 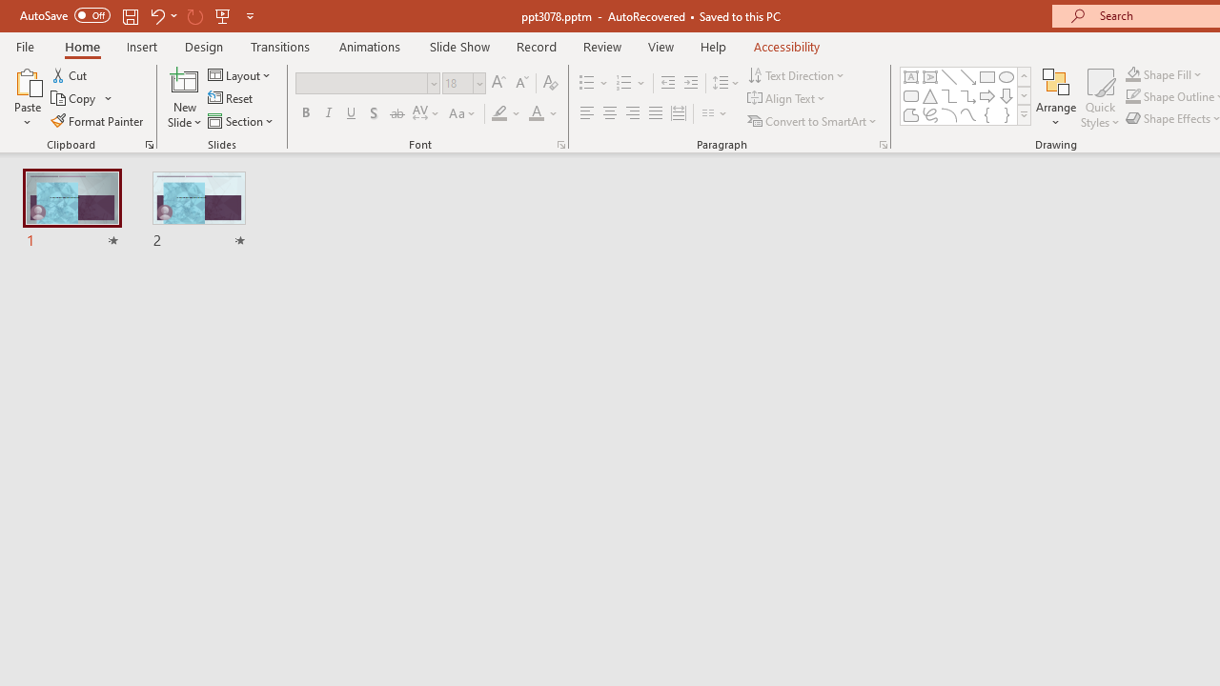 What do you see at coordinates (930, 95) in the screenshot?
I see `'Isosceles Triangle'` at bounding box center [930, 95].